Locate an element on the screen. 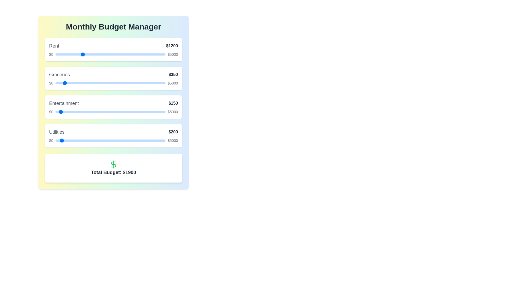 This screenshot has width=510, height=287. the groceries budget slider is located at coordinates (102, 83).